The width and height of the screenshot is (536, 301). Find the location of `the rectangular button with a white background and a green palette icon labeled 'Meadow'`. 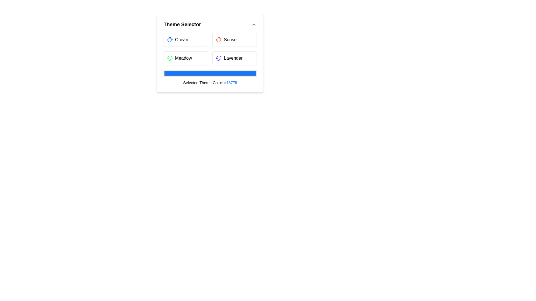

the rectangular button with a white background and a green palette icon labeled 'Meadow' is located at coordinates (186, 58).